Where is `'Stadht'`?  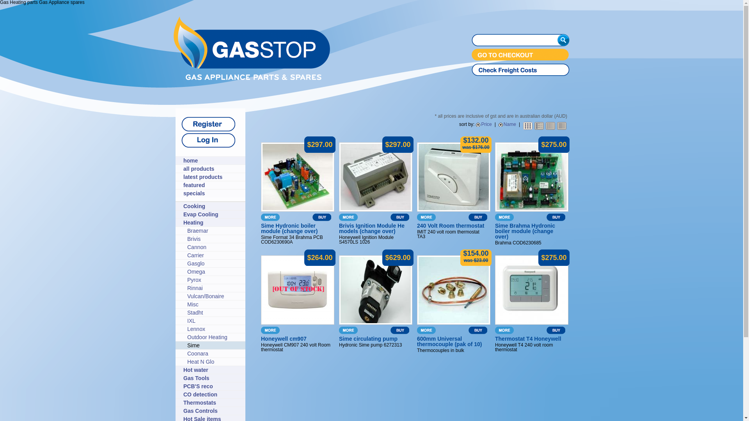 'Stadht' is located at coordinates (187, 312).